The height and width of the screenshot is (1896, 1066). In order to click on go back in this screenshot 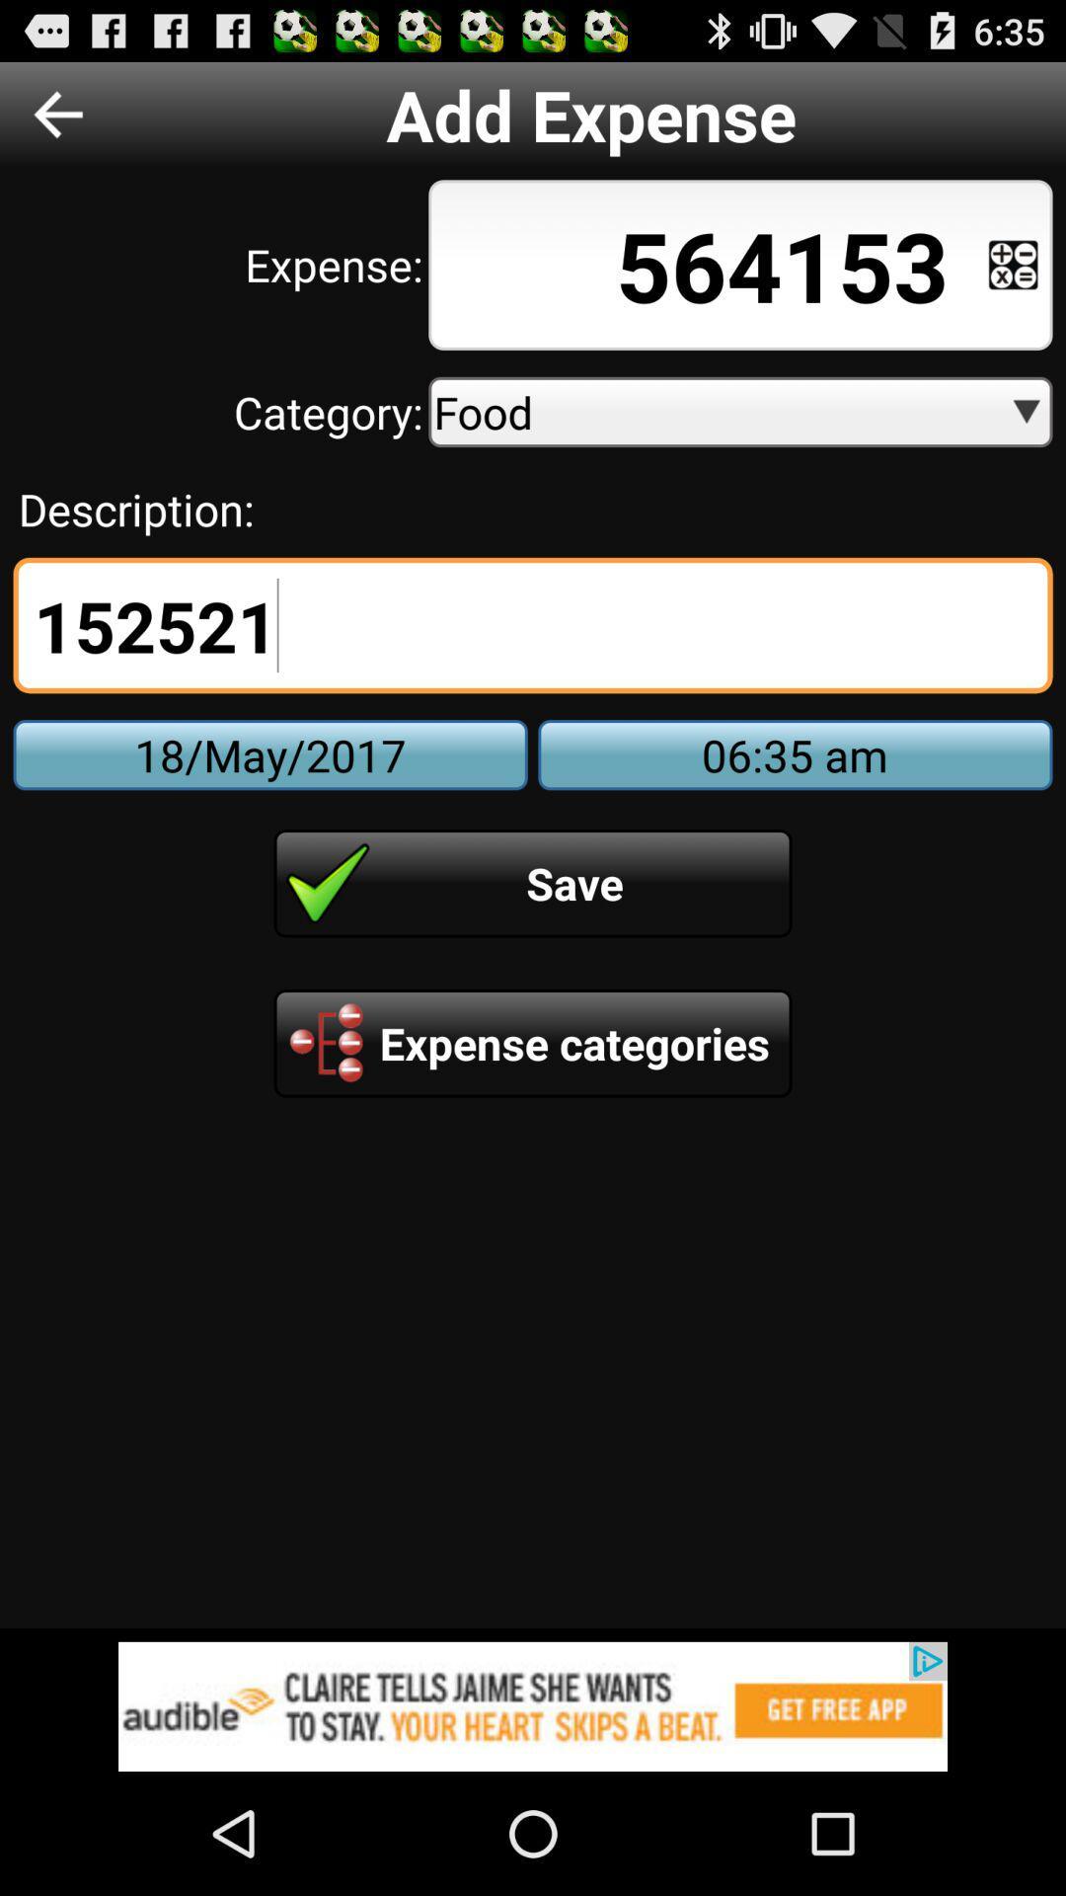, I will do `click(57, 113)`.